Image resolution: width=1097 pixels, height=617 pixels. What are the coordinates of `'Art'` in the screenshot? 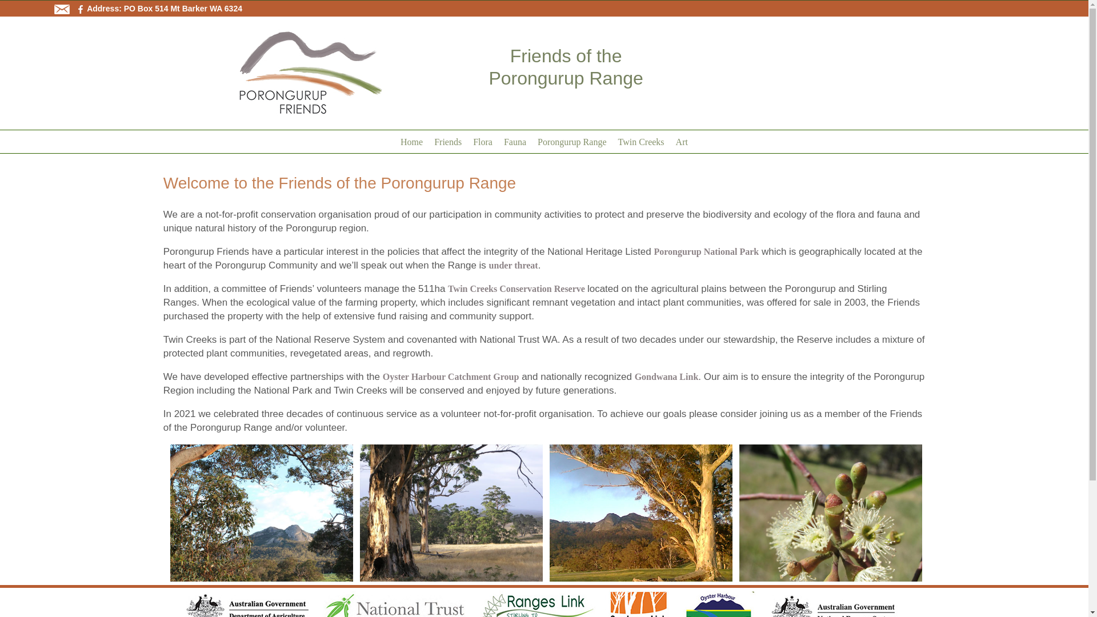 It's located at (670, 140).